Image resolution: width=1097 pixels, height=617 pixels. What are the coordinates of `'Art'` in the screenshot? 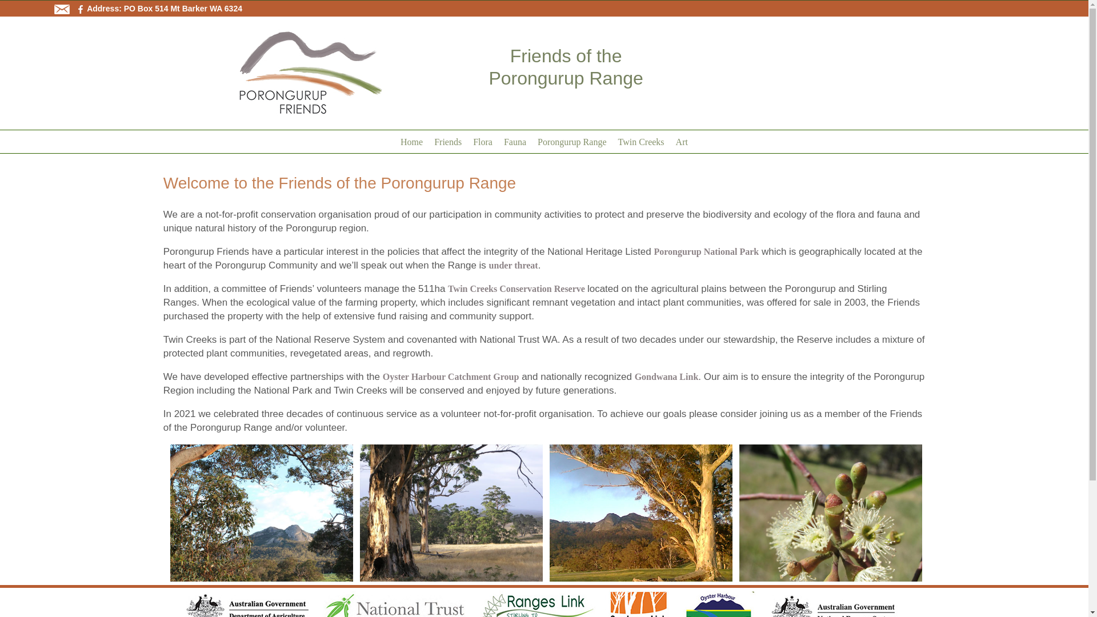 It's located at (670, 140).